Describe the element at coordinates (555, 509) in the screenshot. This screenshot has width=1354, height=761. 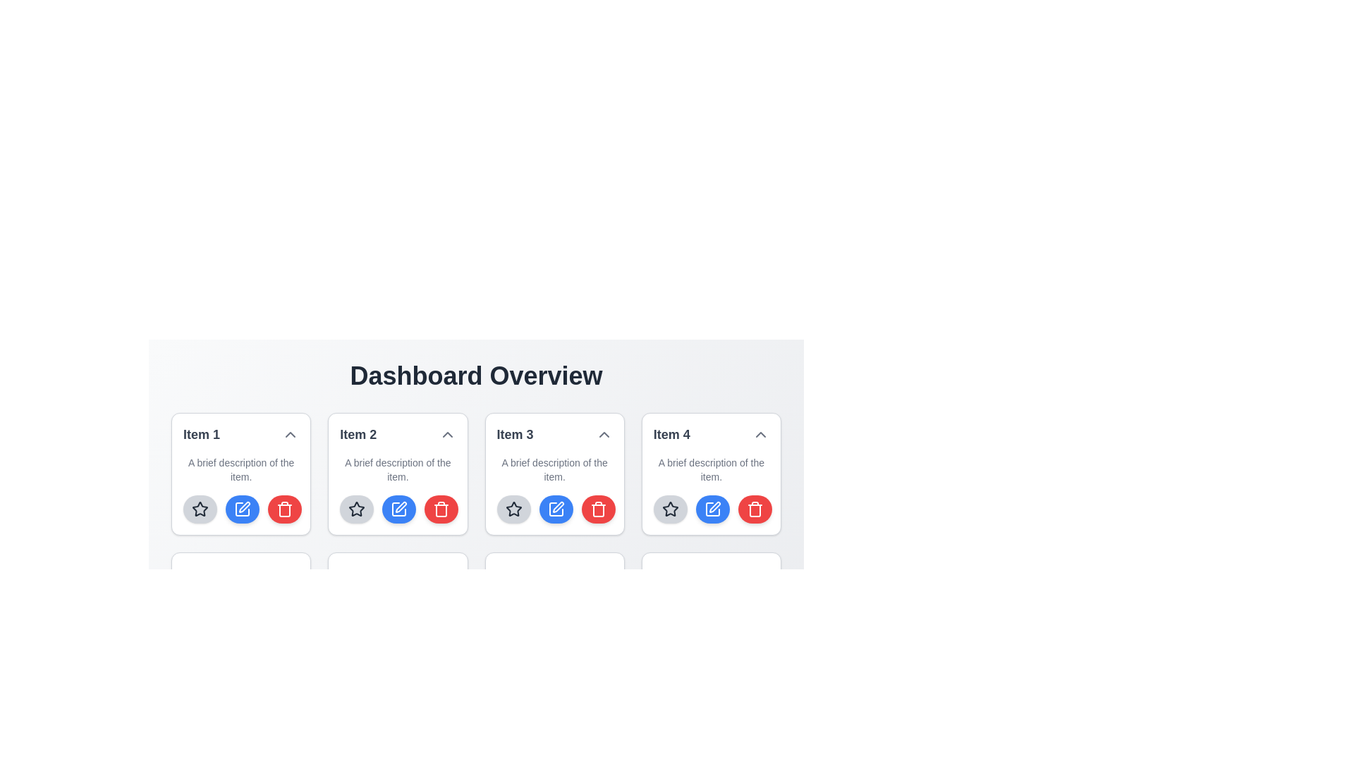
I see `the blue circular button with a white pen icon in the center located in the third item's control section of the dashboard overview` at that location.